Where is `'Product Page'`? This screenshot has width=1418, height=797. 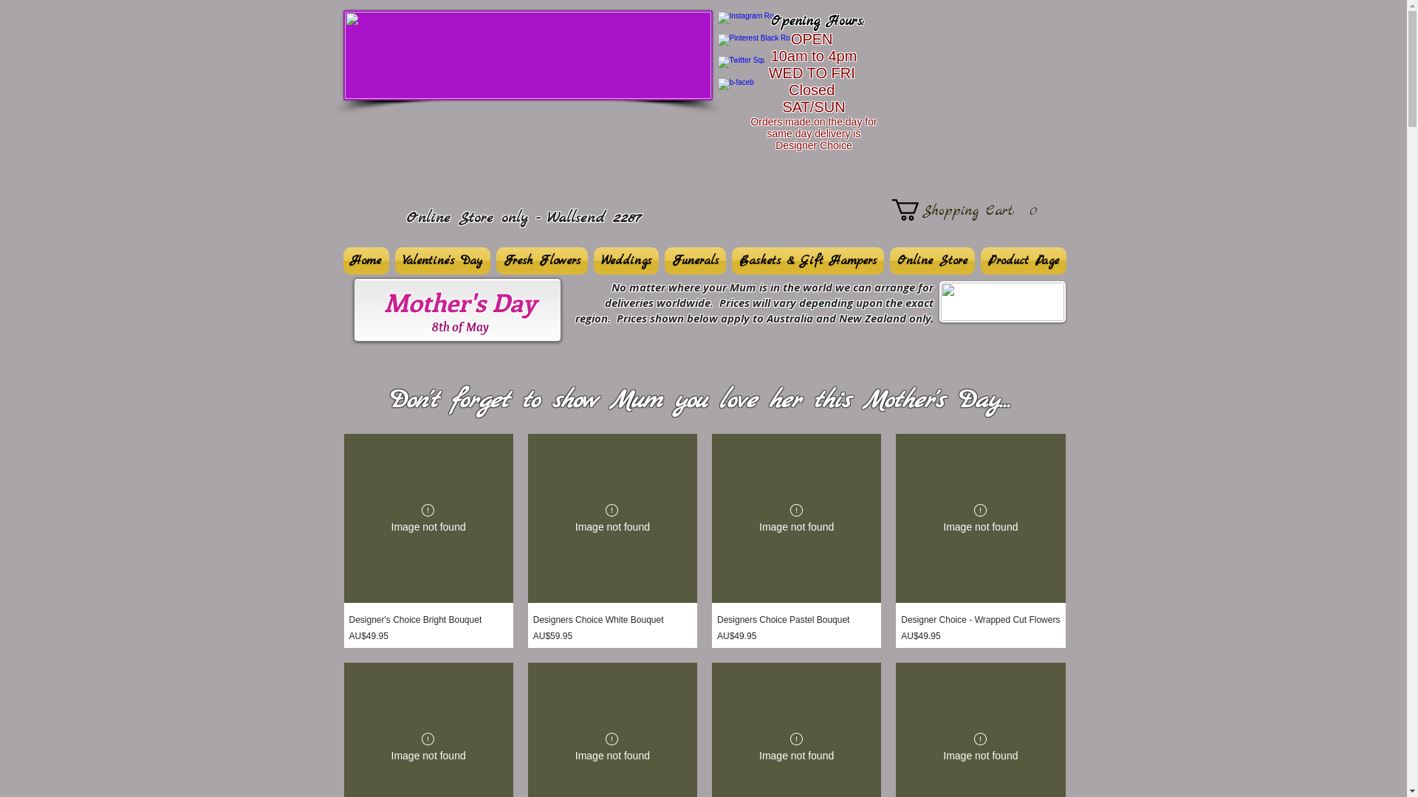
'Product Page' is located at coordinates (978, 260).